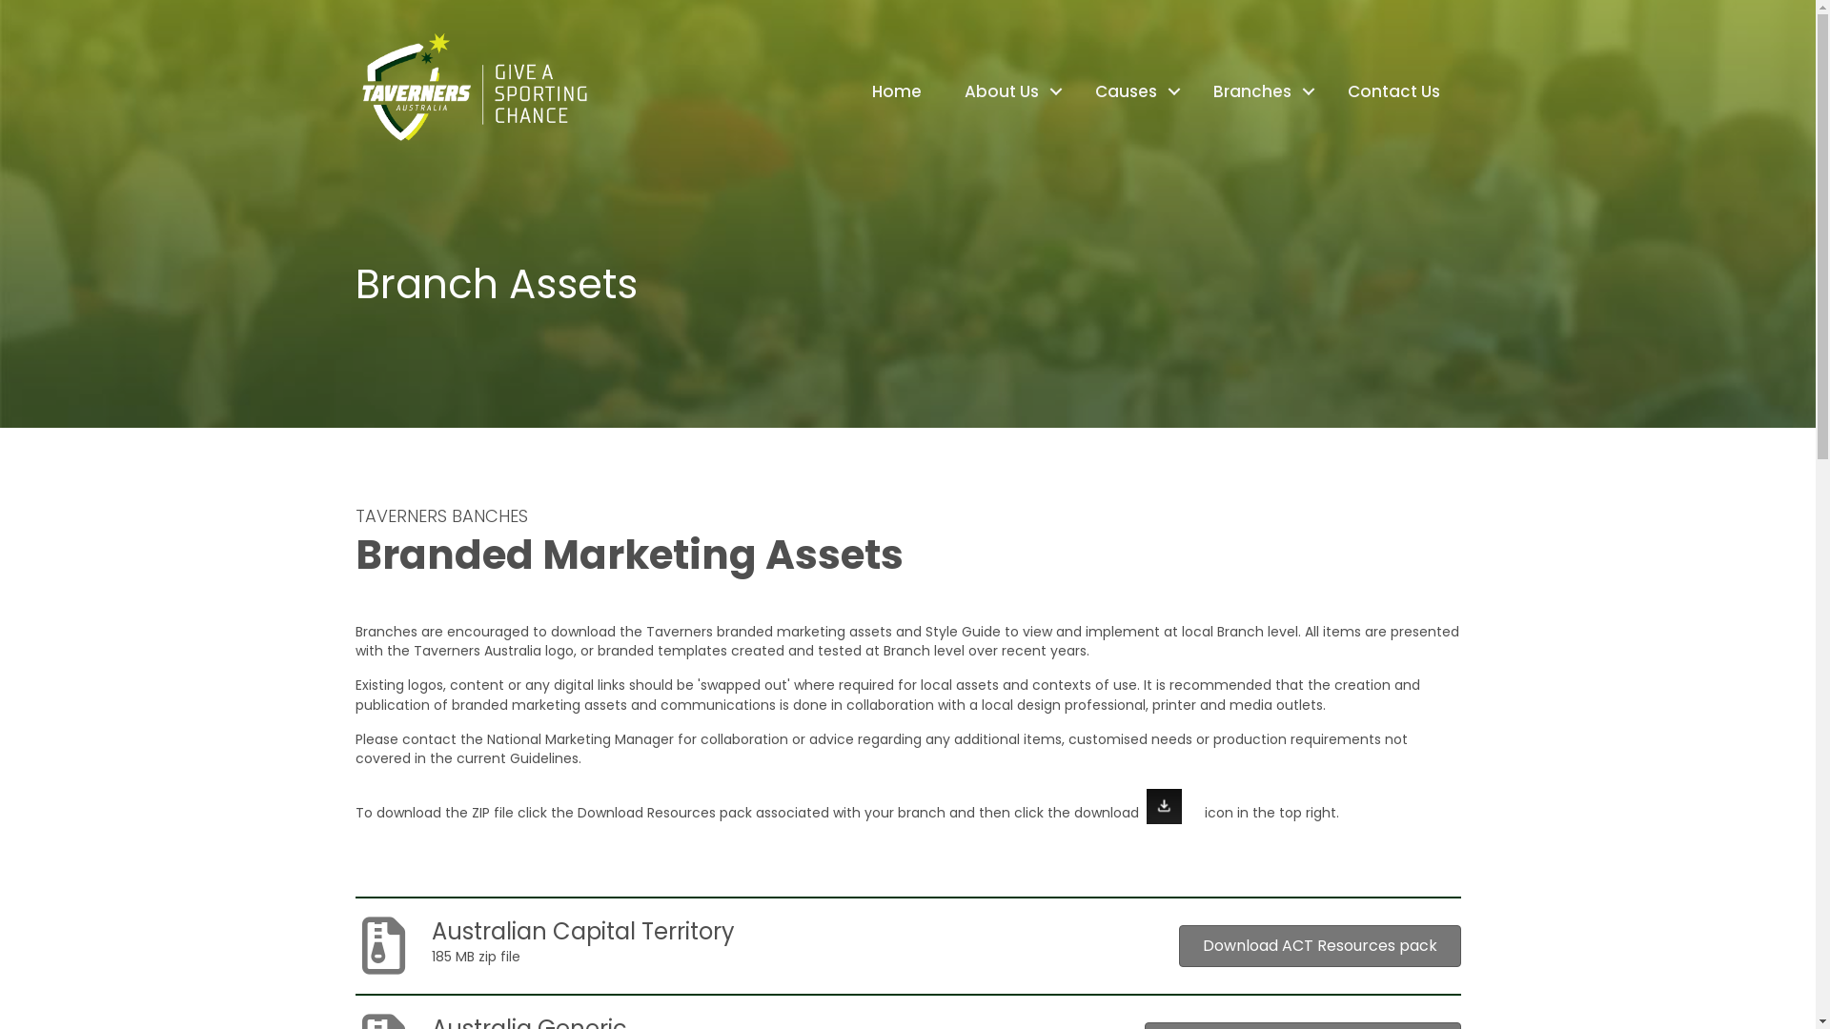 Image resolution: width=1830 pixels, height=1029 pixels. What do you see at coordinates (895, 91) in the screenshot?
I see `'Home'` at bounding box center [895, 91].